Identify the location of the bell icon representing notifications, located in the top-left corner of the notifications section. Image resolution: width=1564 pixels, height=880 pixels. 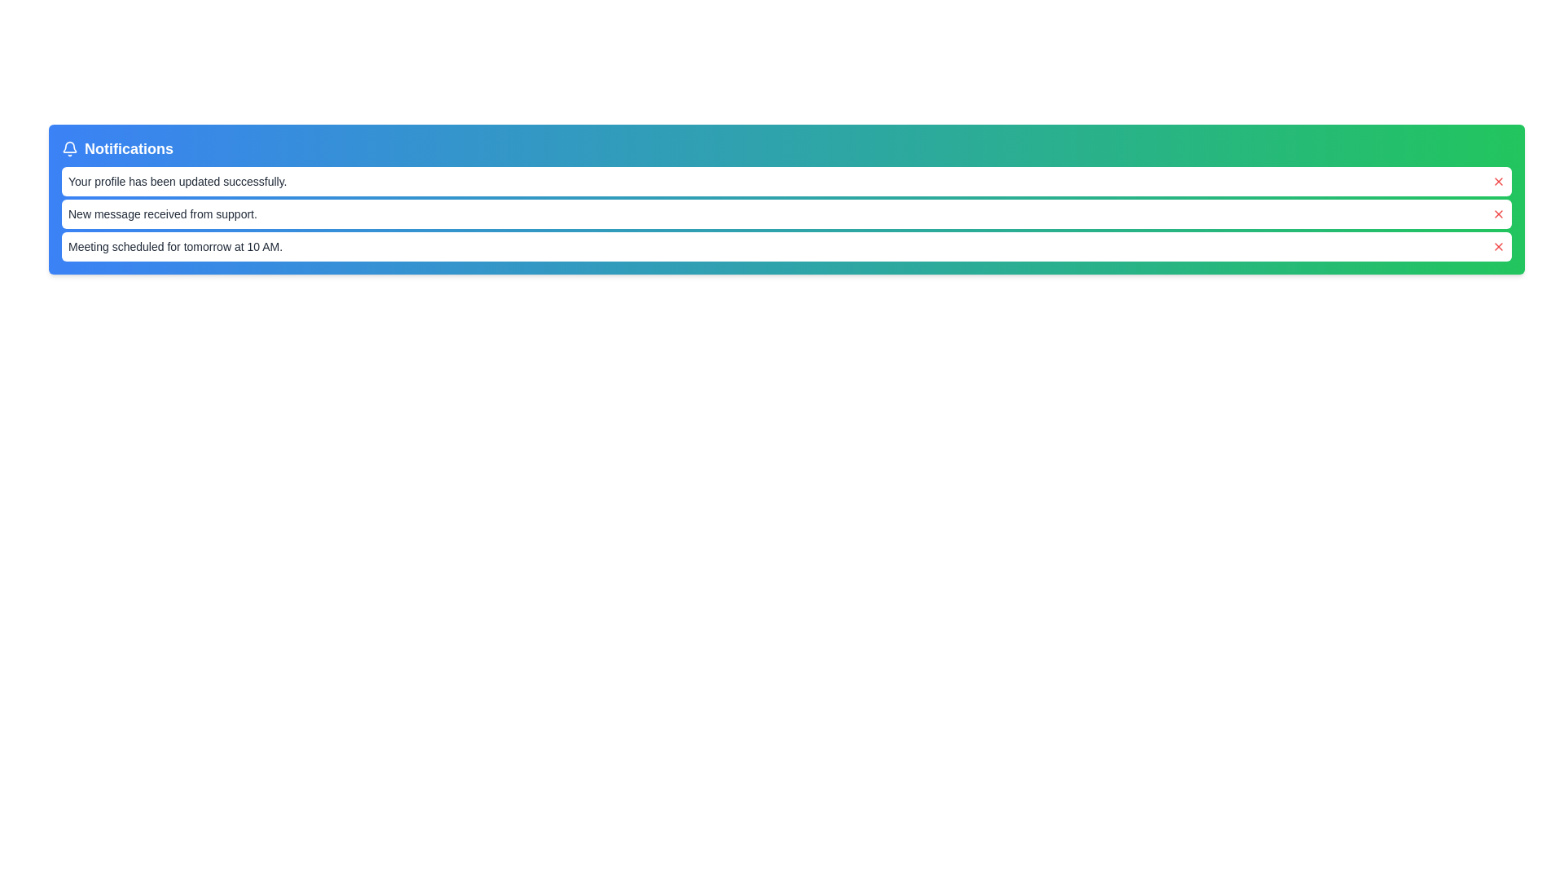
(69, 148).